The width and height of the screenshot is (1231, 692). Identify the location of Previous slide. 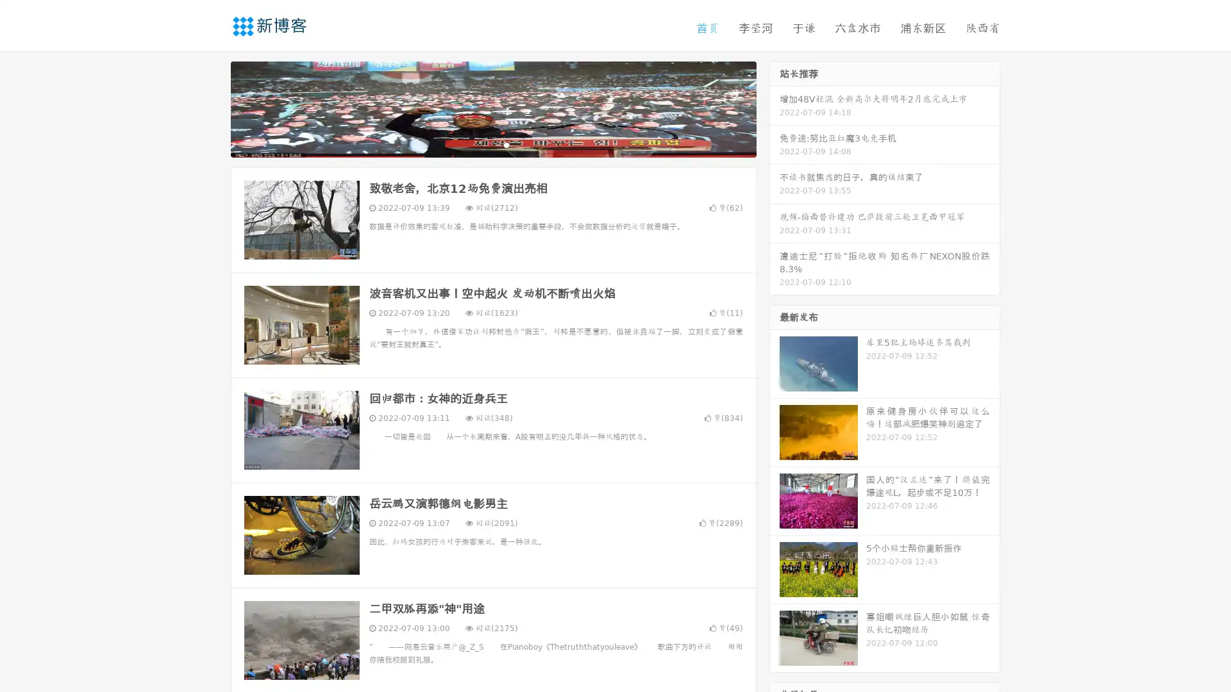
(212, 108).